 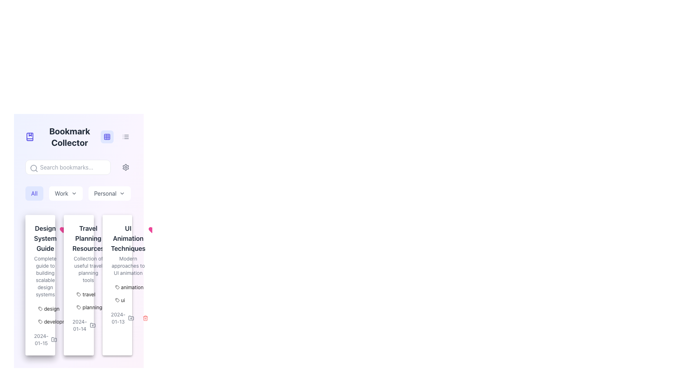 I want to click on the circular button with a gray hover background and a folder icon with a plus symbol, so click(x=54, y=339).